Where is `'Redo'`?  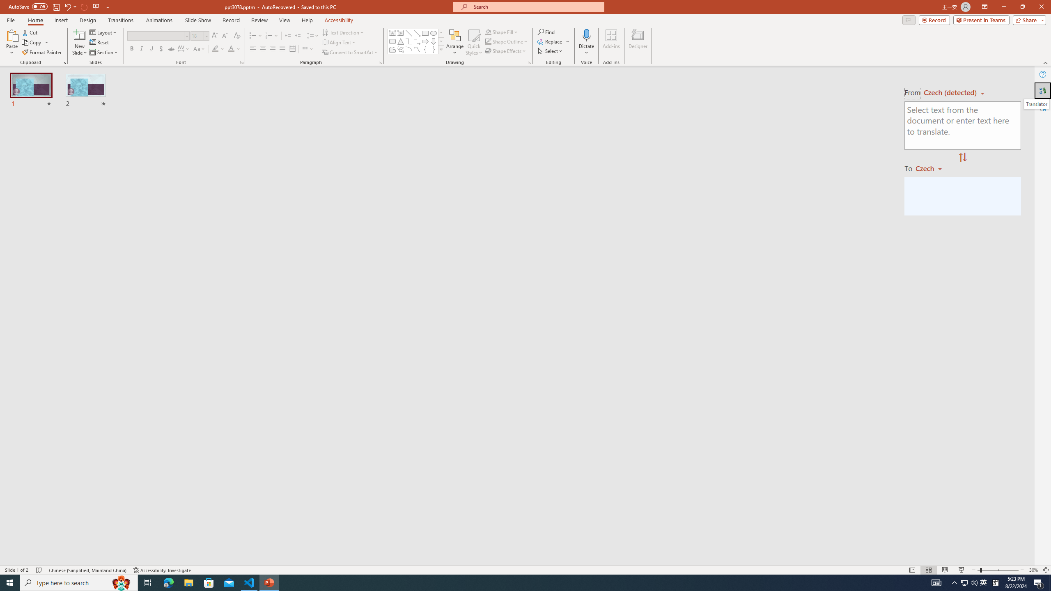 'Redo' is located at coordinates (84, 6).